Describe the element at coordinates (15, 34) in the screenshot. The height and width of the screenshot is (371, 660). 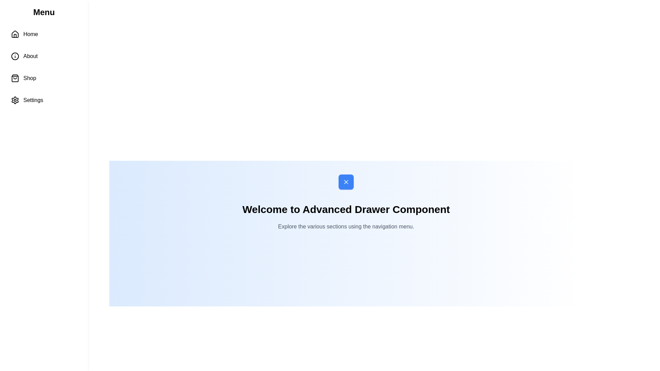
I see `the 'Home' icon located at the top of the left navigation menu` at that location.